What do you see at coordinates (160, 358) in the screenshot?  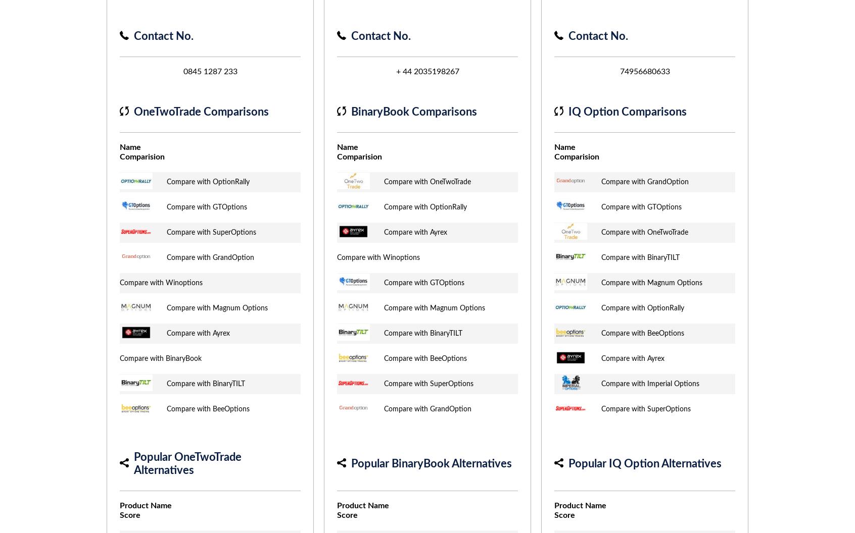 I see `'Compare with BinaryBook'` at bounding box center [160, 358].